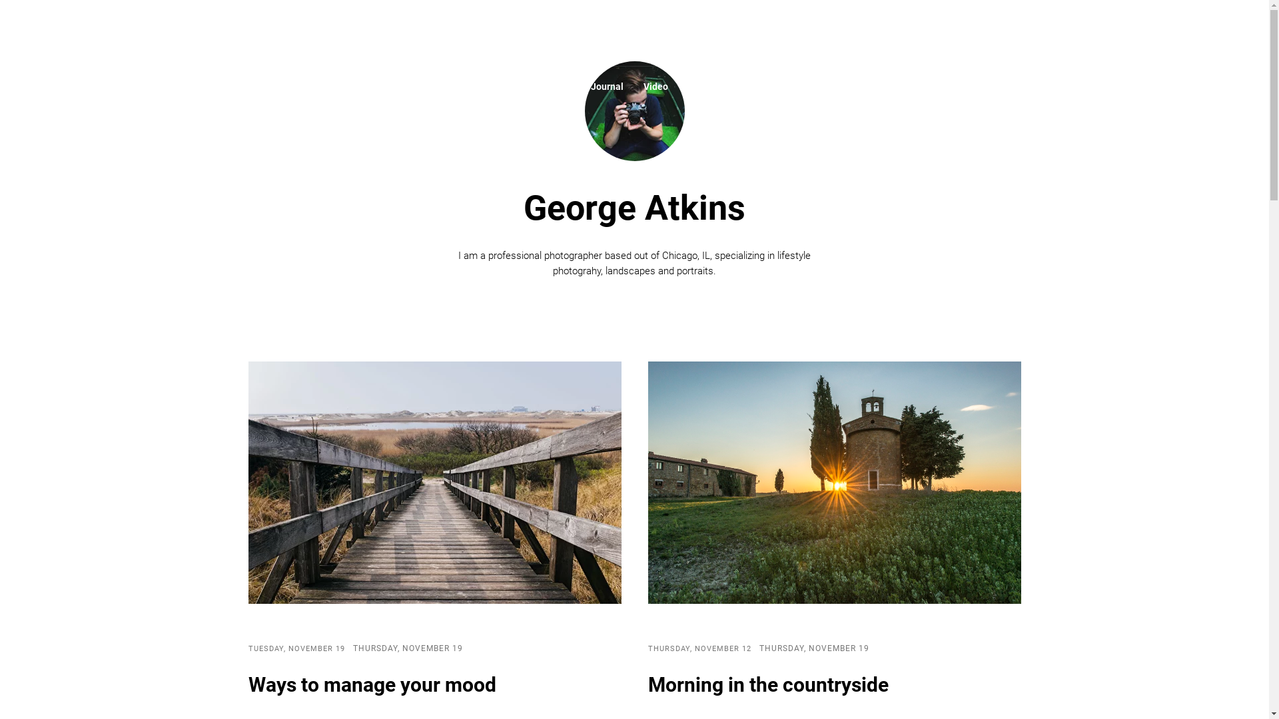 The image size is (1279, 719). Describe the element at coordinates (696, 87) in the screenshot. I see `'Tour'` at that location.